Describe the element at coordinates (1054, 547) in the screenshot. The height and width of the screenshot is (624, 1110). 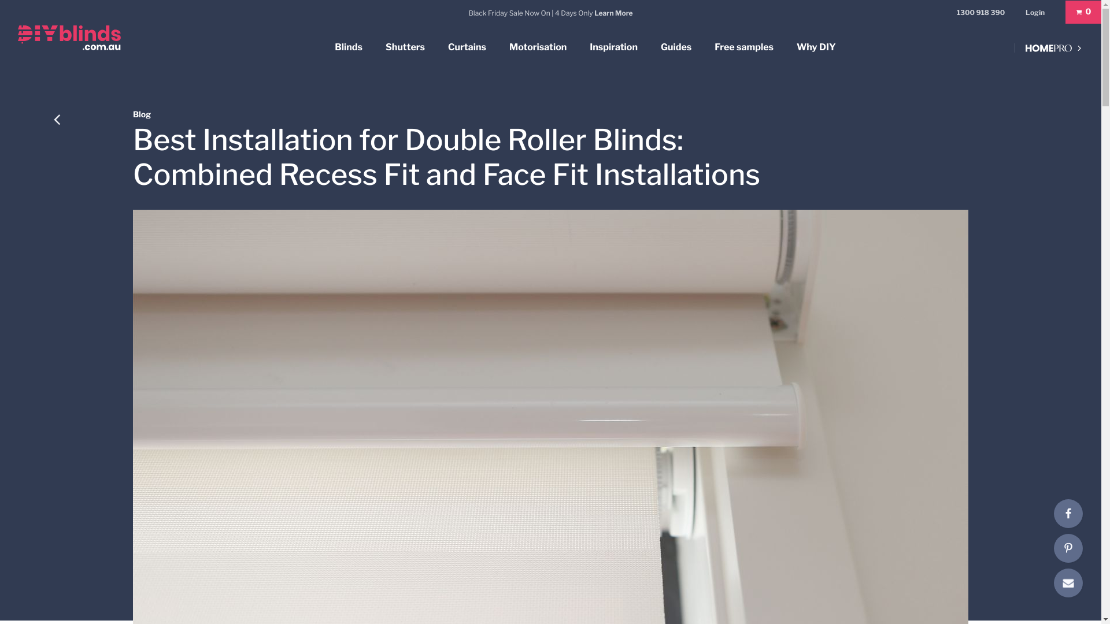
I see `'Pinterest'` at that location.